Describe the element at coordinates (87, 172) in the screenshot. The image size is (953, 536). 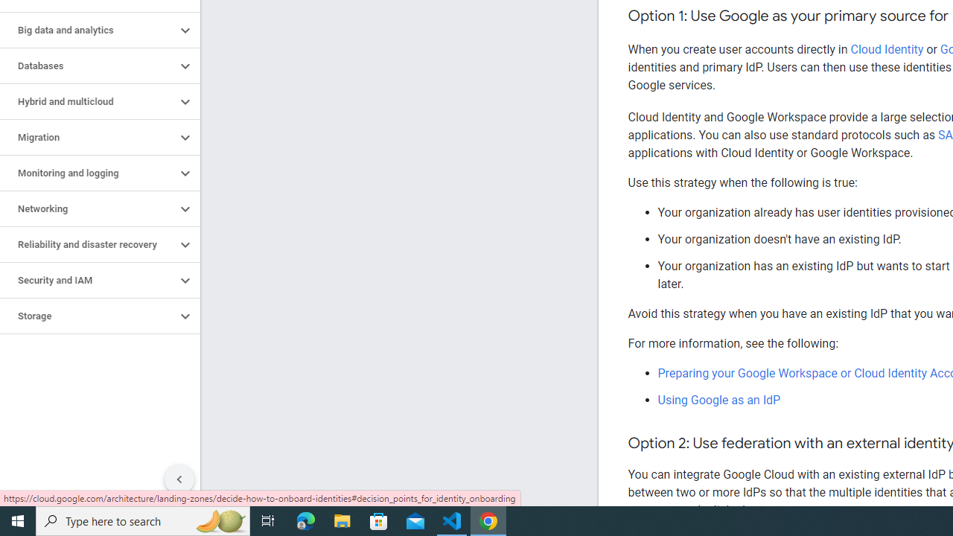
I see `'Monitoring and logging'` at that location.